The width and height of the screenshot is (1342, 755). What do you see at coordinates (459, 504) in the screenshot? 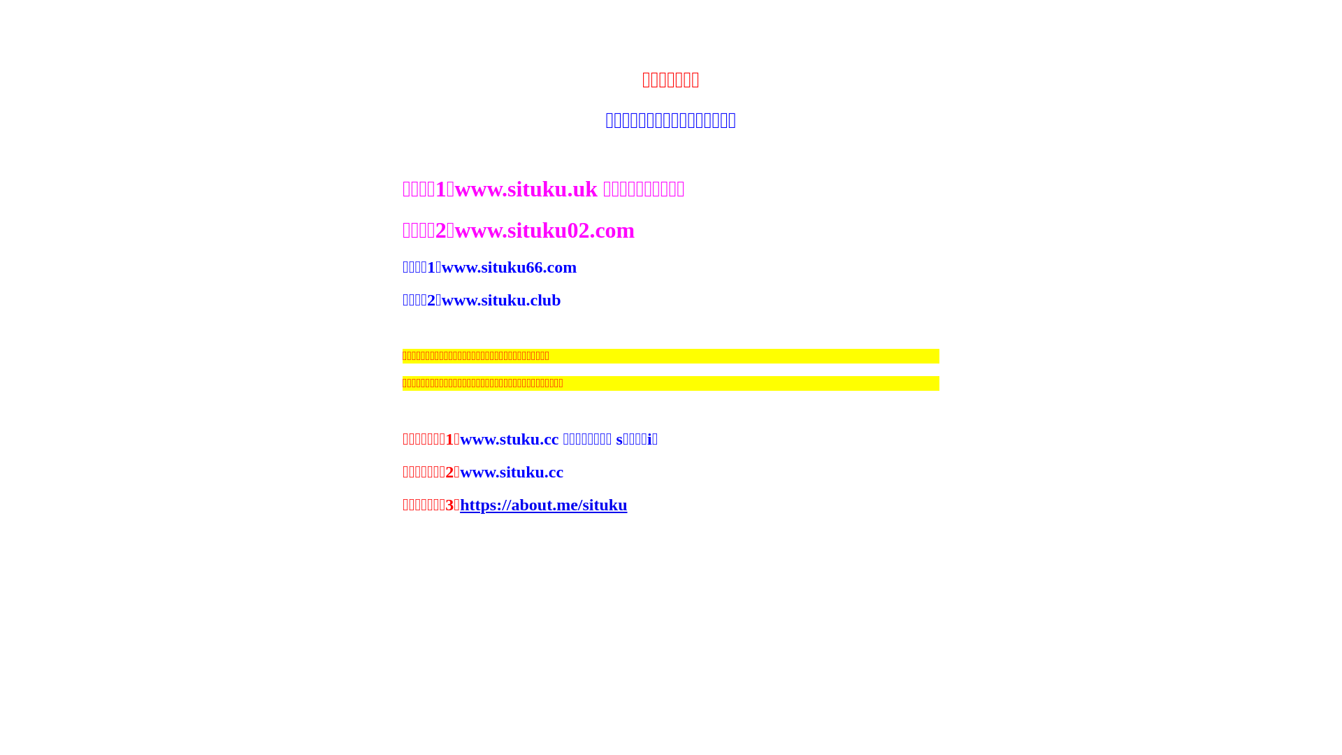
I see `'https://about.me/situku'` at bounding box center [459, 504].